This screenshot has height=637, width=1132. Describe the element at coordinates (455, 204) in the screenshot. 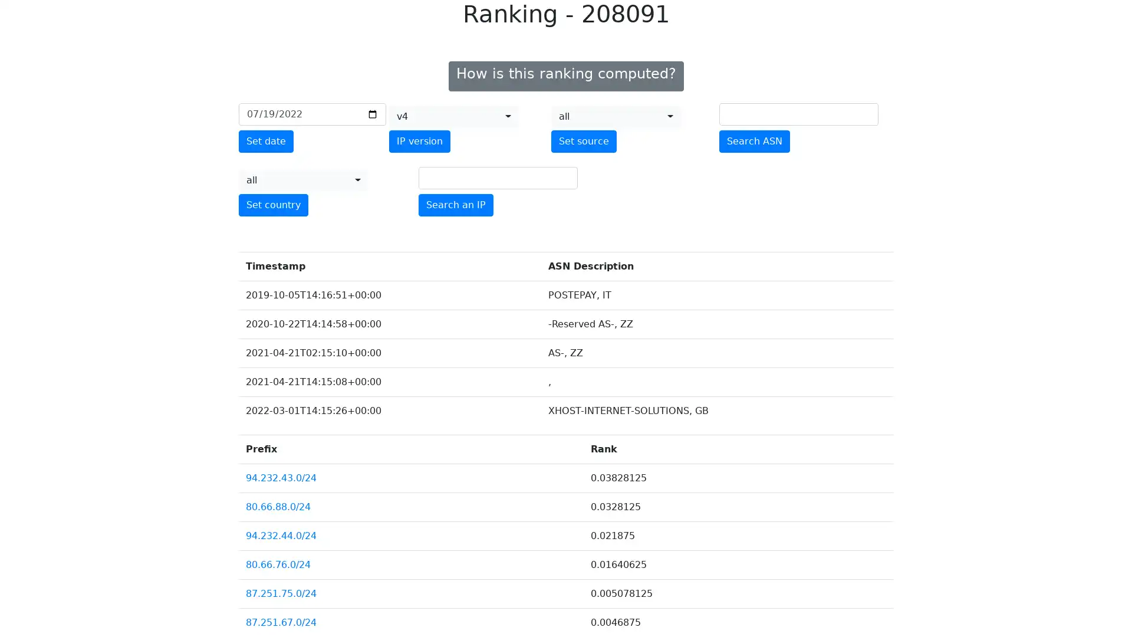

I see `Search an IP` at that location.